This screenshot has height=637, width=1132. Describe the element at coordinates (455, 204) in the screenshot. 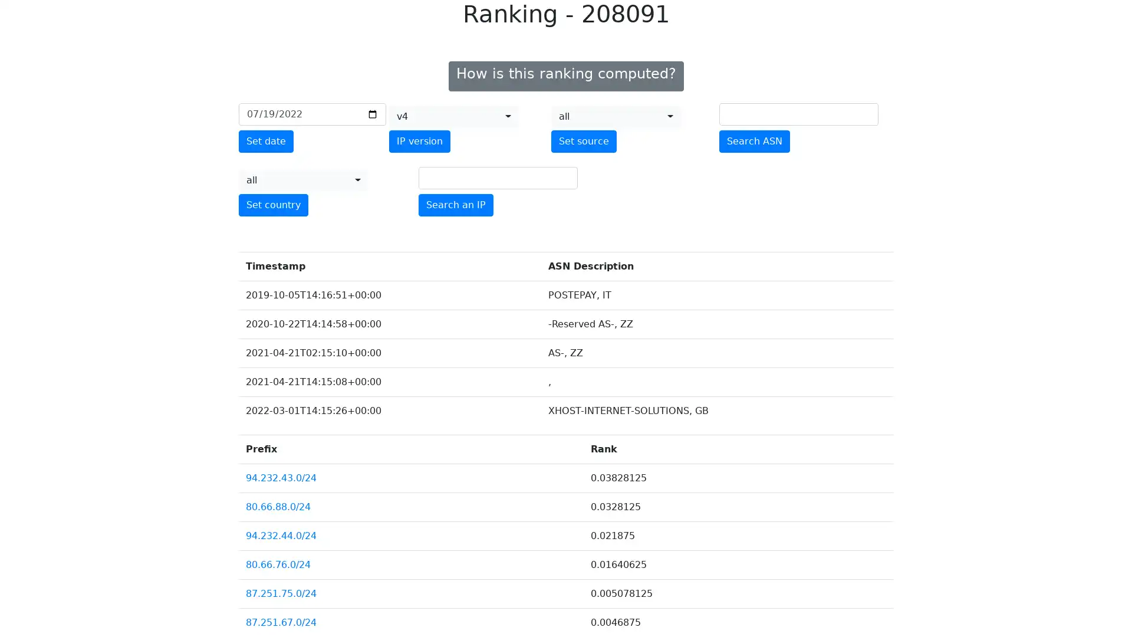

I see `Search an IP` at that location.